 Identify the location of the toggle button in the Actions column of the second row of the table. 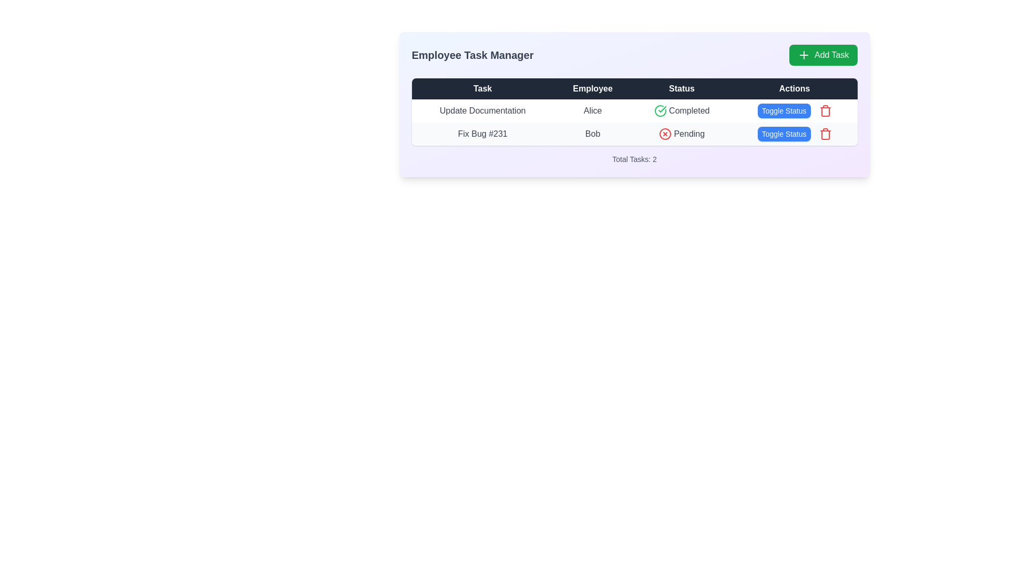
(784, 133).